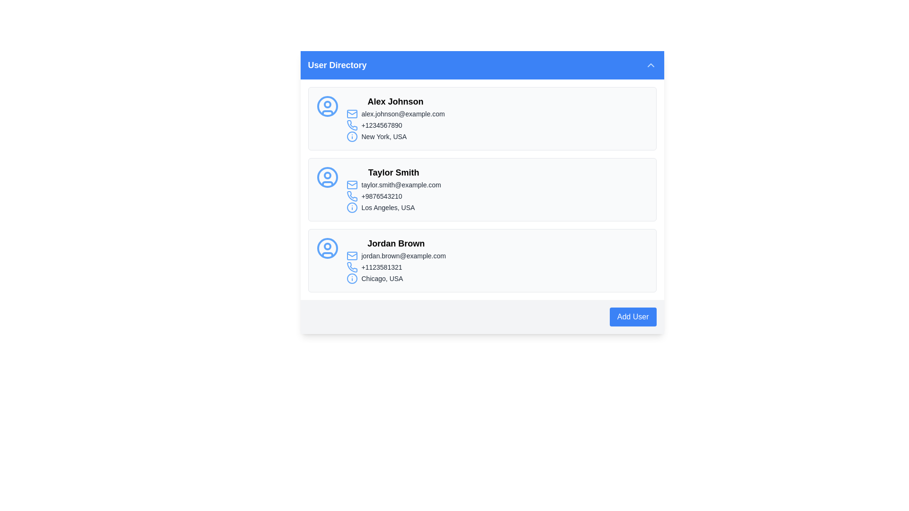 Image resolution: width=909 pixels, height=511 pixels. Describe the element at coordinates (393, 173) in the screenshot. I see `the static text element displaying 'Taylor Smith' at the top of the second user information card in the 'User Directory' interface` at that location.